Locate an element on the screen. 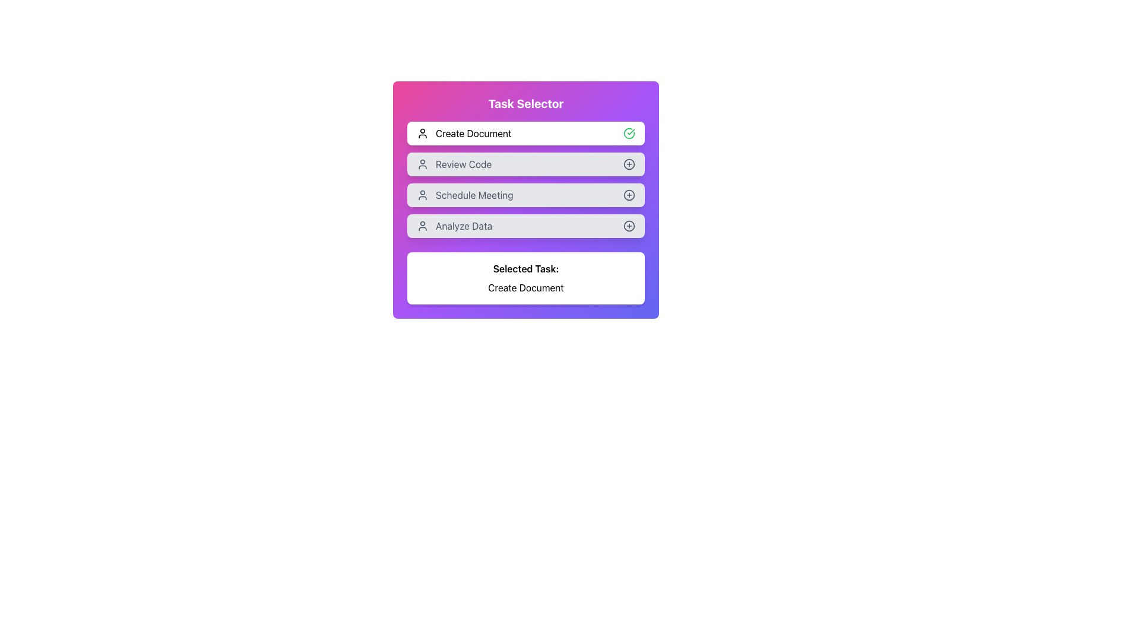 This screenshot has height=641, width=1140. the Text Label that indicates the currently highlighted or selected task, positioned below 'Selected Task:' in the bottom middle of the interface is located at coordinates (525, 288).